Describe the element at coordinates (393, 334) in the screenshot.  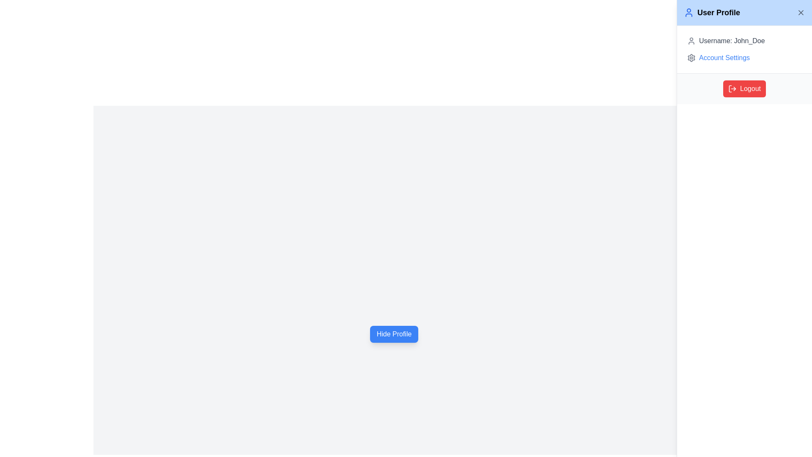
I see `the 'Hide Profile' button, which is a bright blue rounded rectangle with white text, located near the center horizontally and lower vertically within a light gray area` at that location.